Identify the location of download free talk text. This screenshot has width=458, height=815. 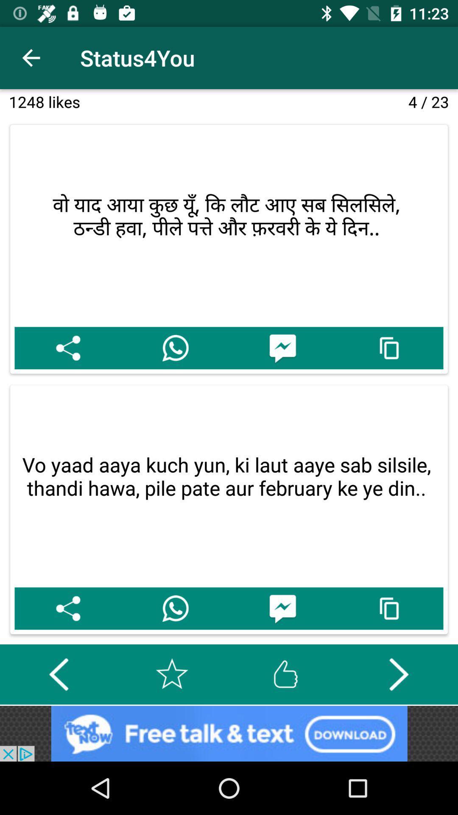
(229, 733).